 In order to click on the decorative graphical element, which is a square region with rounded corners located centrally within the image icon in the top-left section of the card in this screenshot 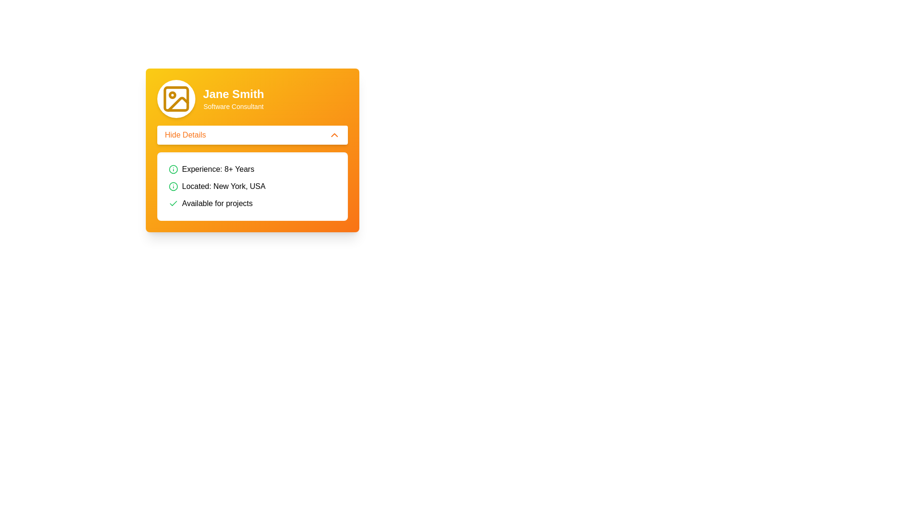, I will do `click(176, 99)`.